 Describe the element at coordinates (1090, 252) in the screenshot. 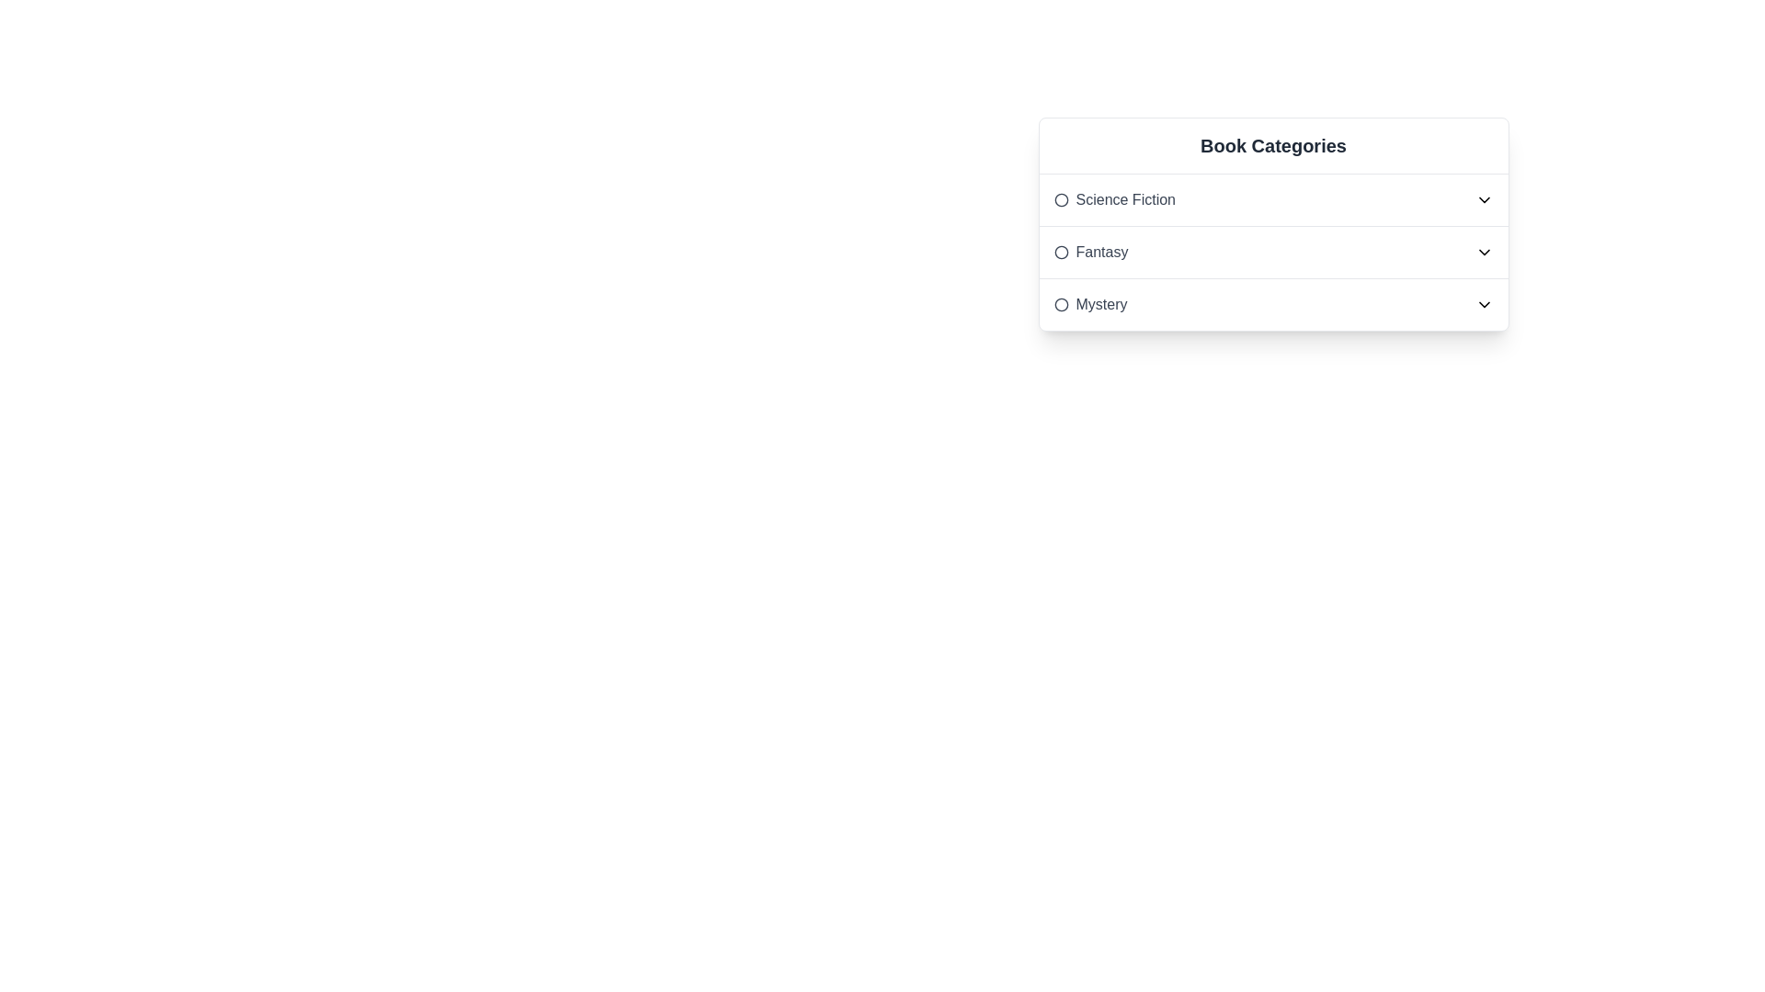

I see `the 'Fantasy' label, which is the second item in the list of book categories, styled in gray and positioned below 'Science Fiction'` at that location.